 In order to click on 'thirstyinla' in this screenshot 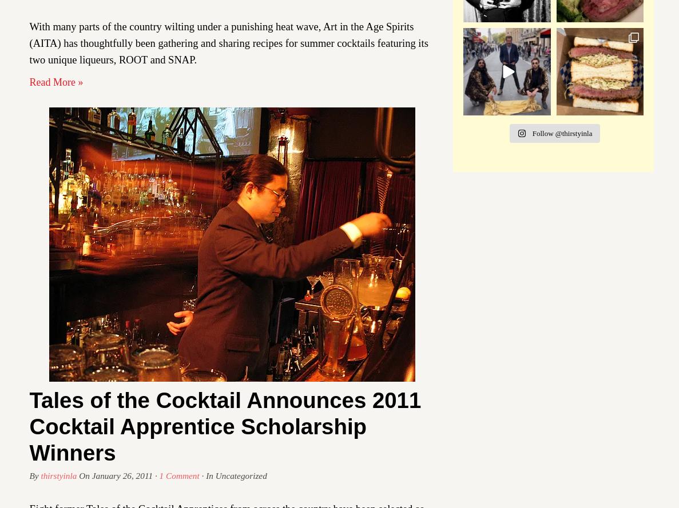, I will do `click(58, 474)`.